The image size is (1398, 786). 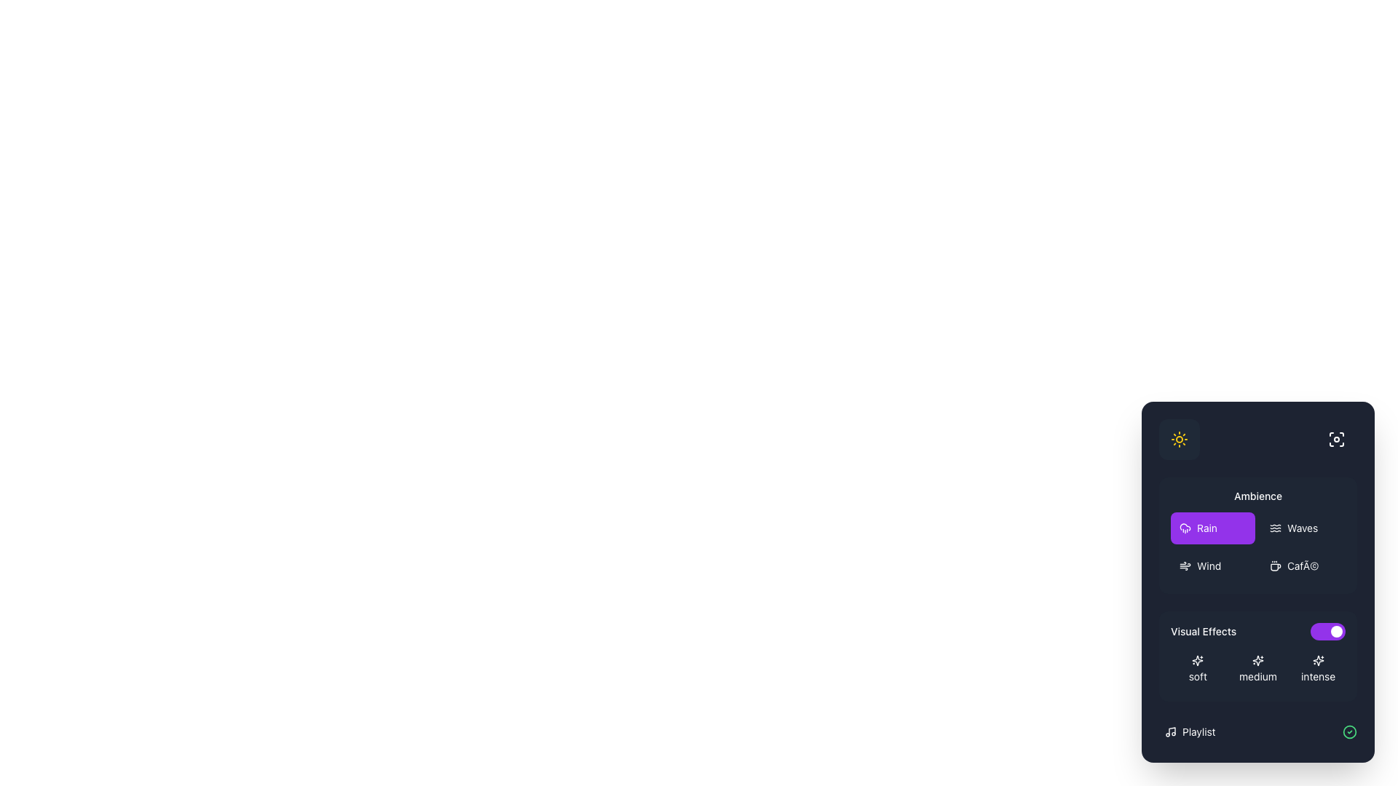 What do you see at coordinates (1303, 528) in the screenshot?
I see `the 'Waves' button, which is a rectangular button with a minimalist wave icon on the left and the text 'Waves' on the right, located in the top-right corner of the grid segment labeled 'Ambience'` at bounding box center [1303, 528].